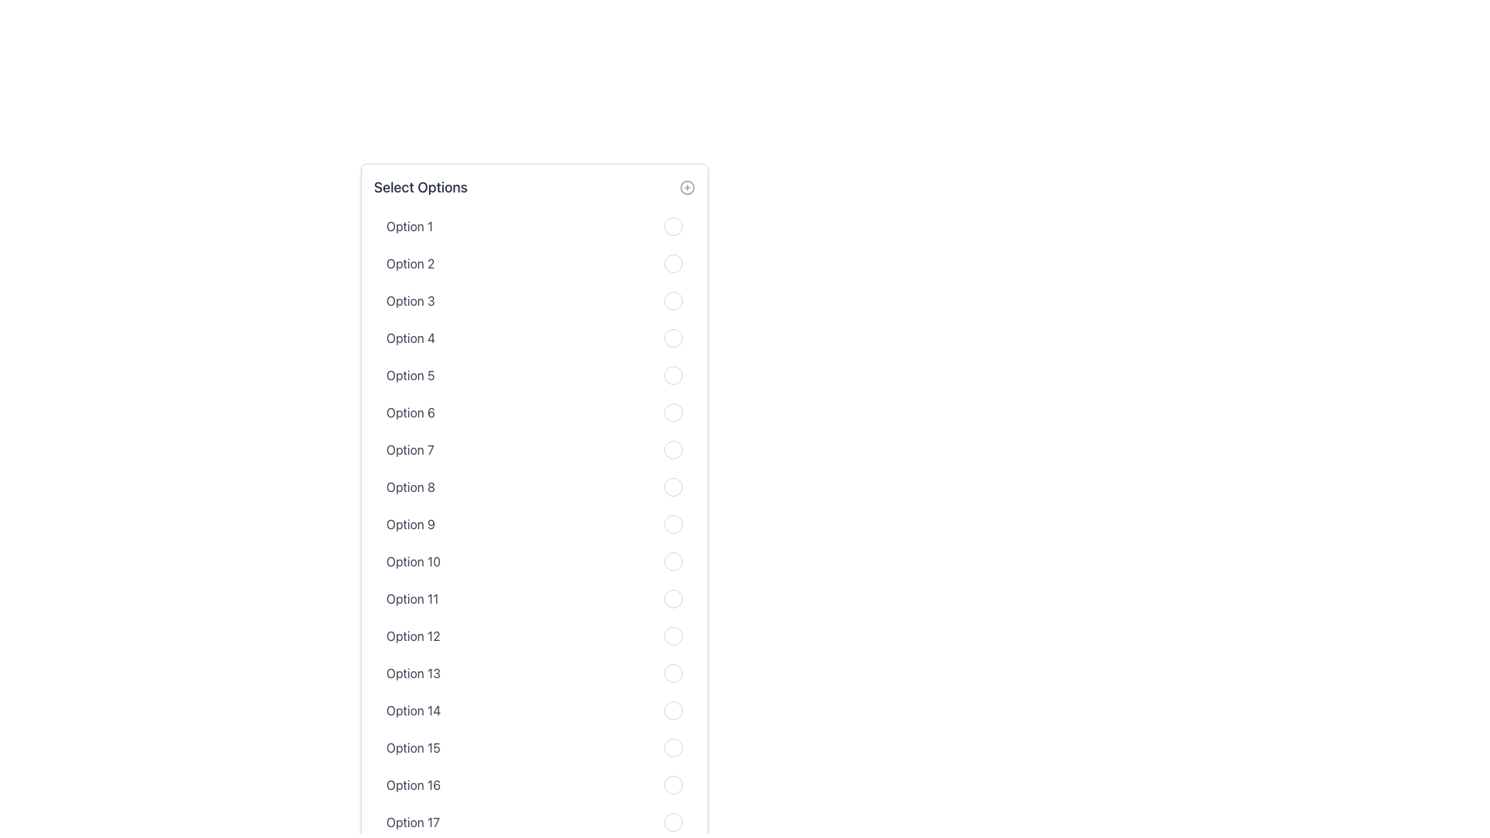 This screenshot has width=1490, height=838. What do you see at coordinates (535, 301) in the screenshot?
I see `the selectable option labeled 'Option 3'` at bounding box center [535, 301].